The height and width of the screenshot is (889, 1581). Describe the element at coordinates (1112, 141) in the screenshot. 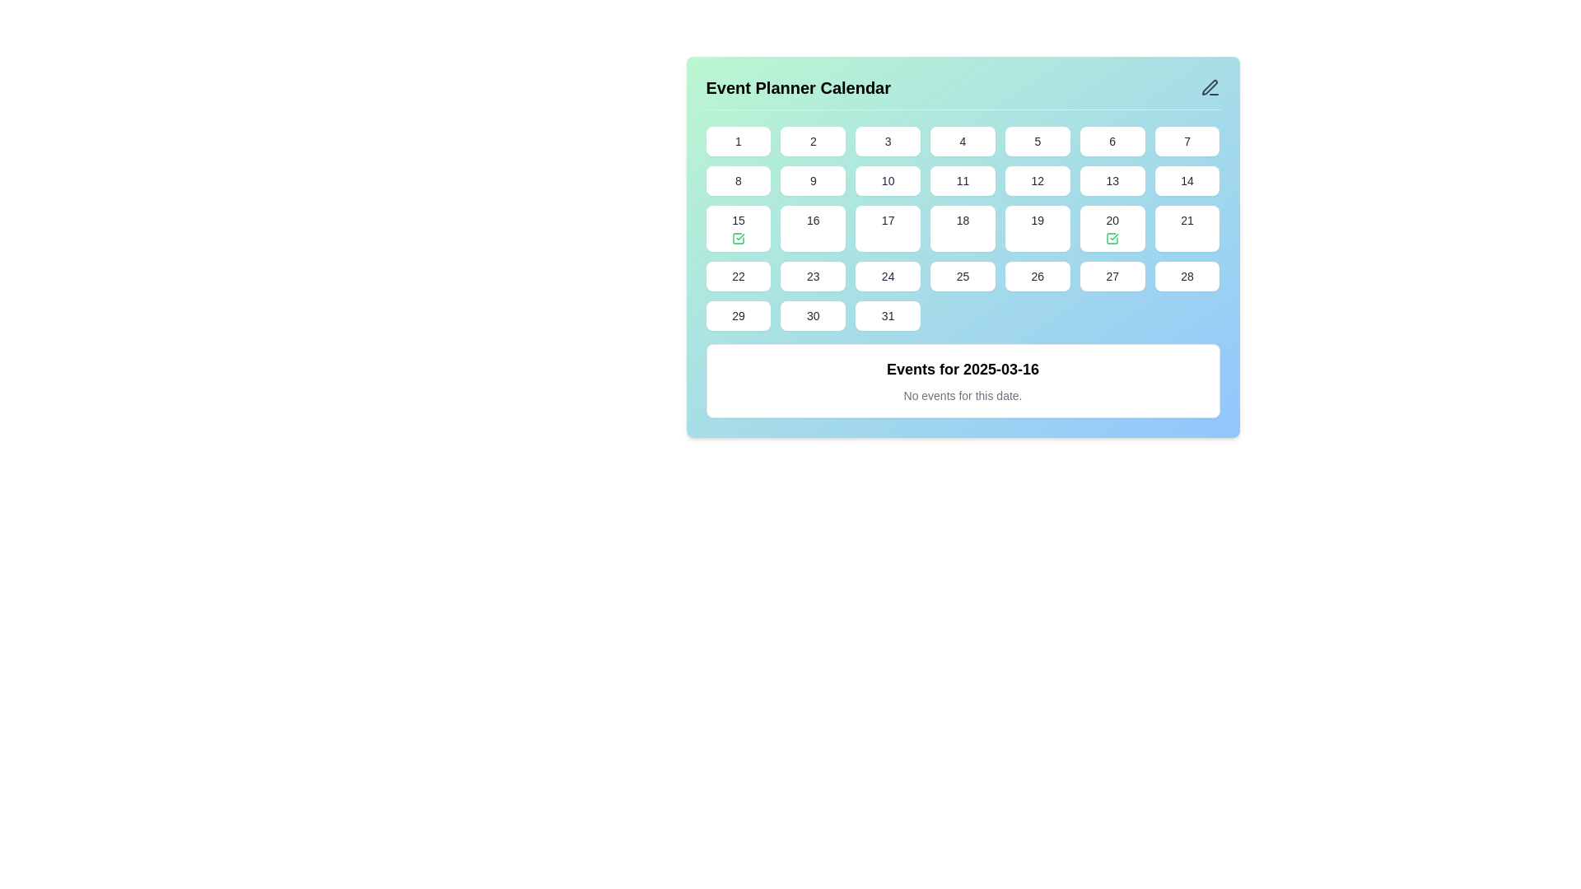

I see `the button displaying the number '6' centered within a rounded rectangle` at that location.